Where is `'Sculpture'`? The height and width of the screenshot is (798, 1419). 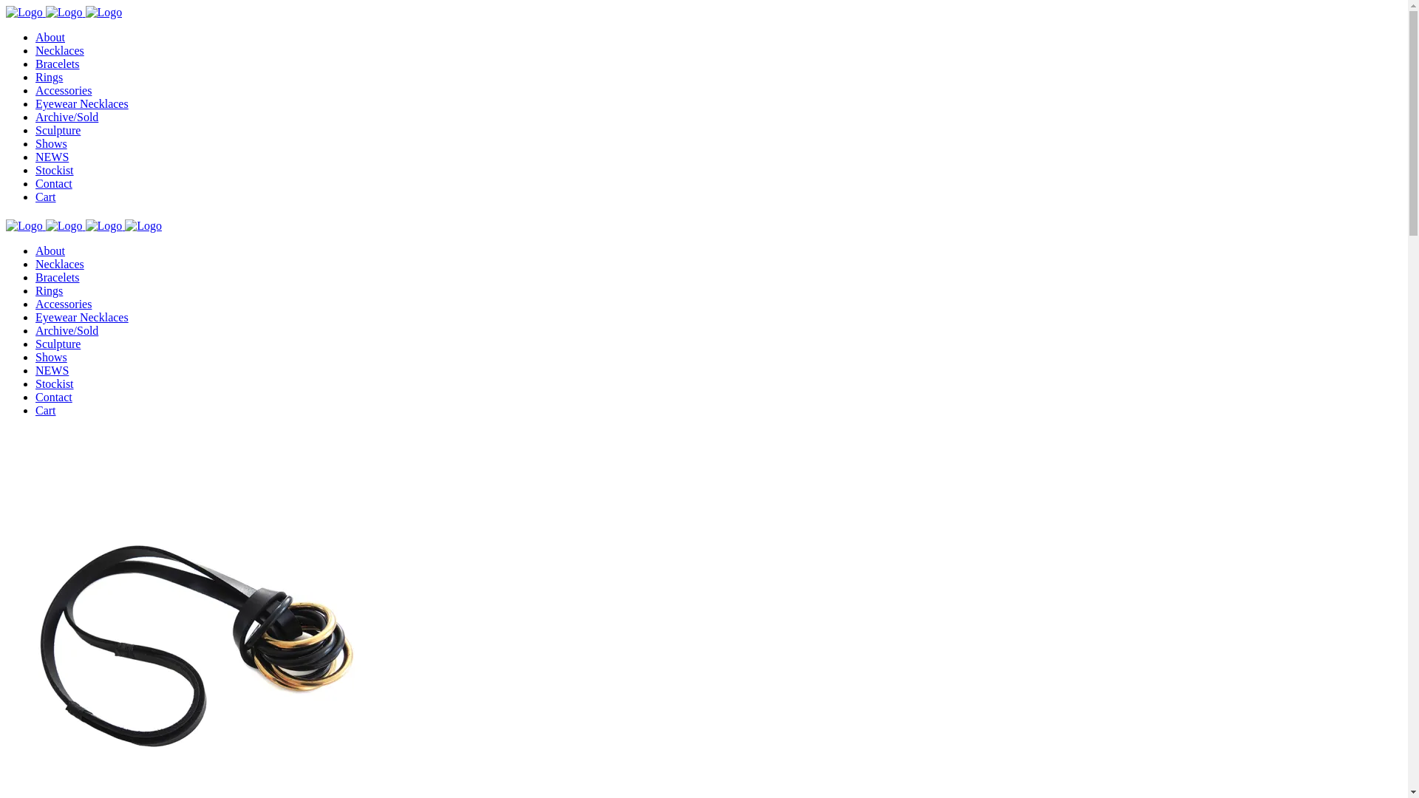
'Sculpture' is located at coordinates (58, 129).